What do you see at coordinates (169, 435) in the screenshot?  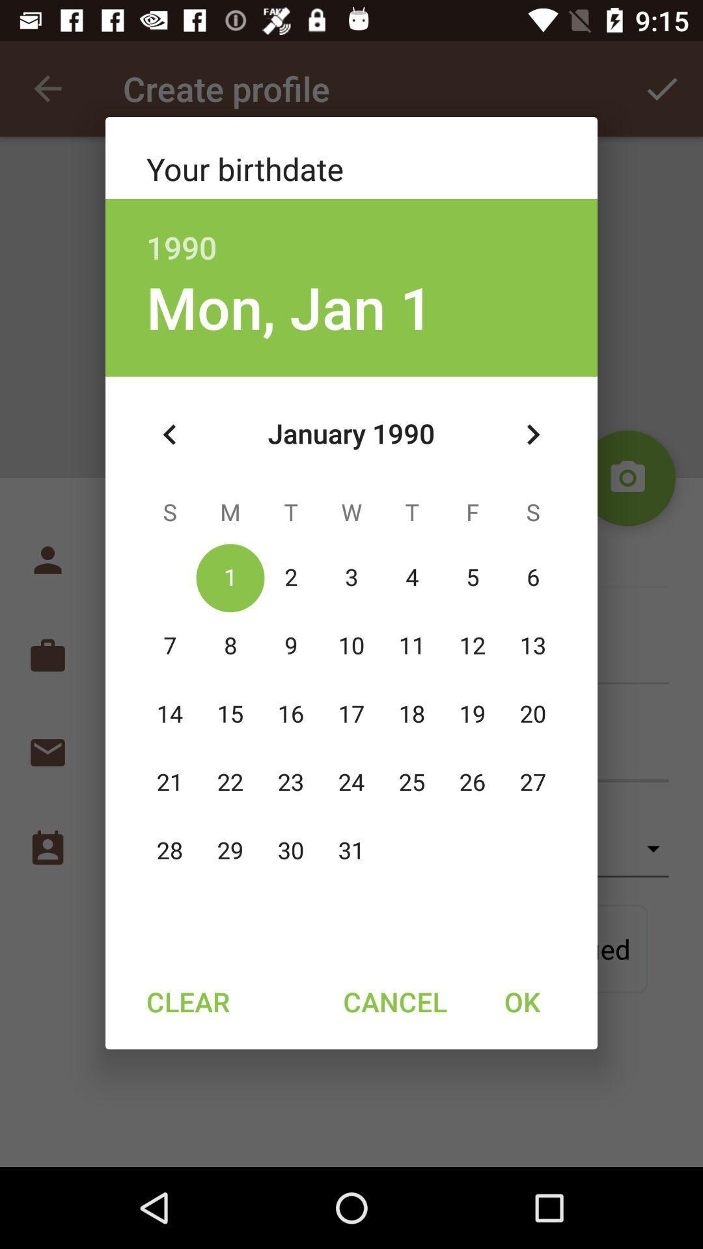 I see `the icon below mon, jan 1 icon` at bounding box center [169, 435].